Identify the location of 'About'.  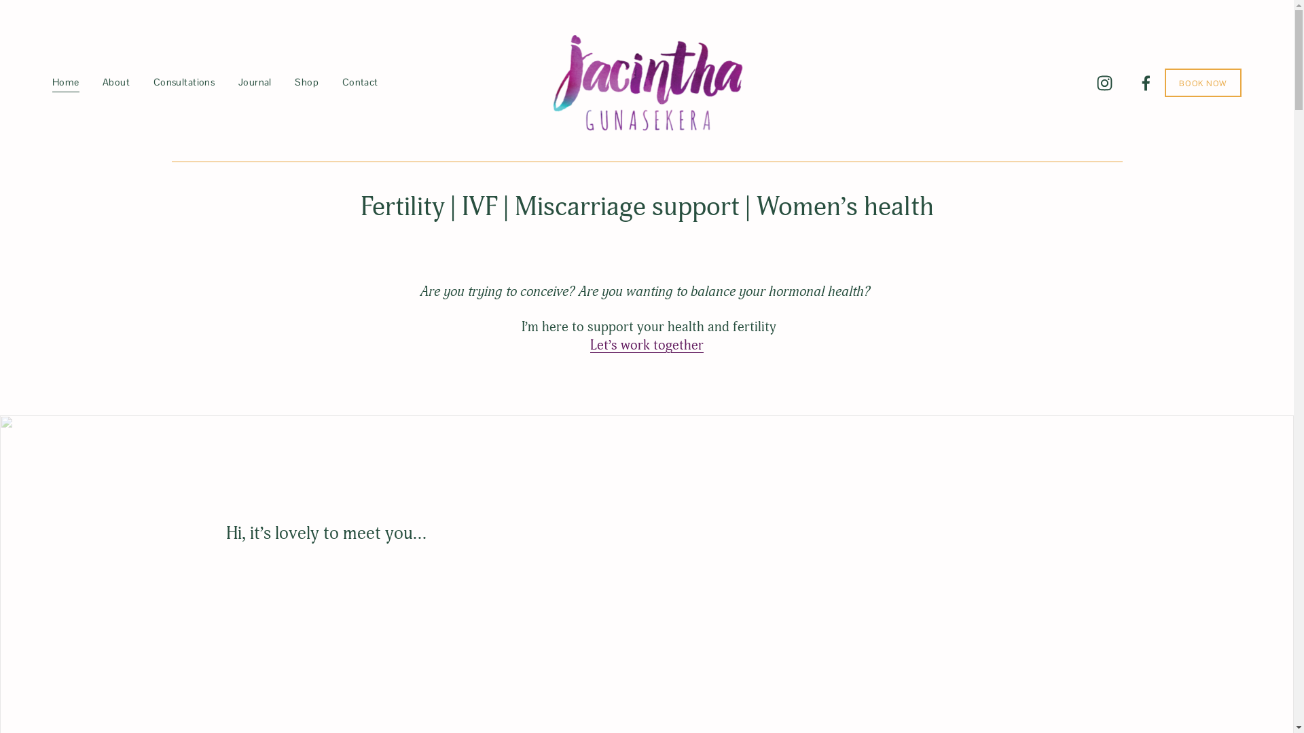
(116, 83).